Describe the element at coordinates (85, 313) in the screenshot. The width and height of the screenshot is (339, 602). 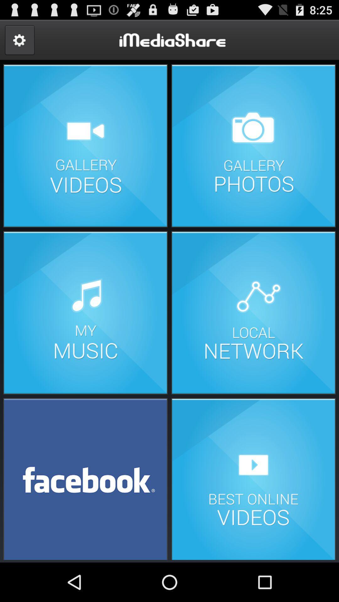
I see `my music` at that location.